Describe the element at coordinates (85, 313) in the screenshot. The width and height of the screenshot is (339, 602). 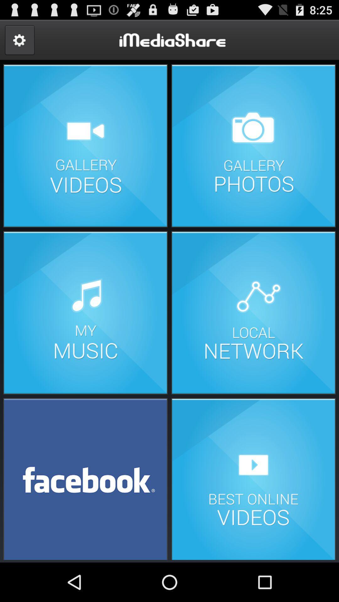
I see `my music` at that location.